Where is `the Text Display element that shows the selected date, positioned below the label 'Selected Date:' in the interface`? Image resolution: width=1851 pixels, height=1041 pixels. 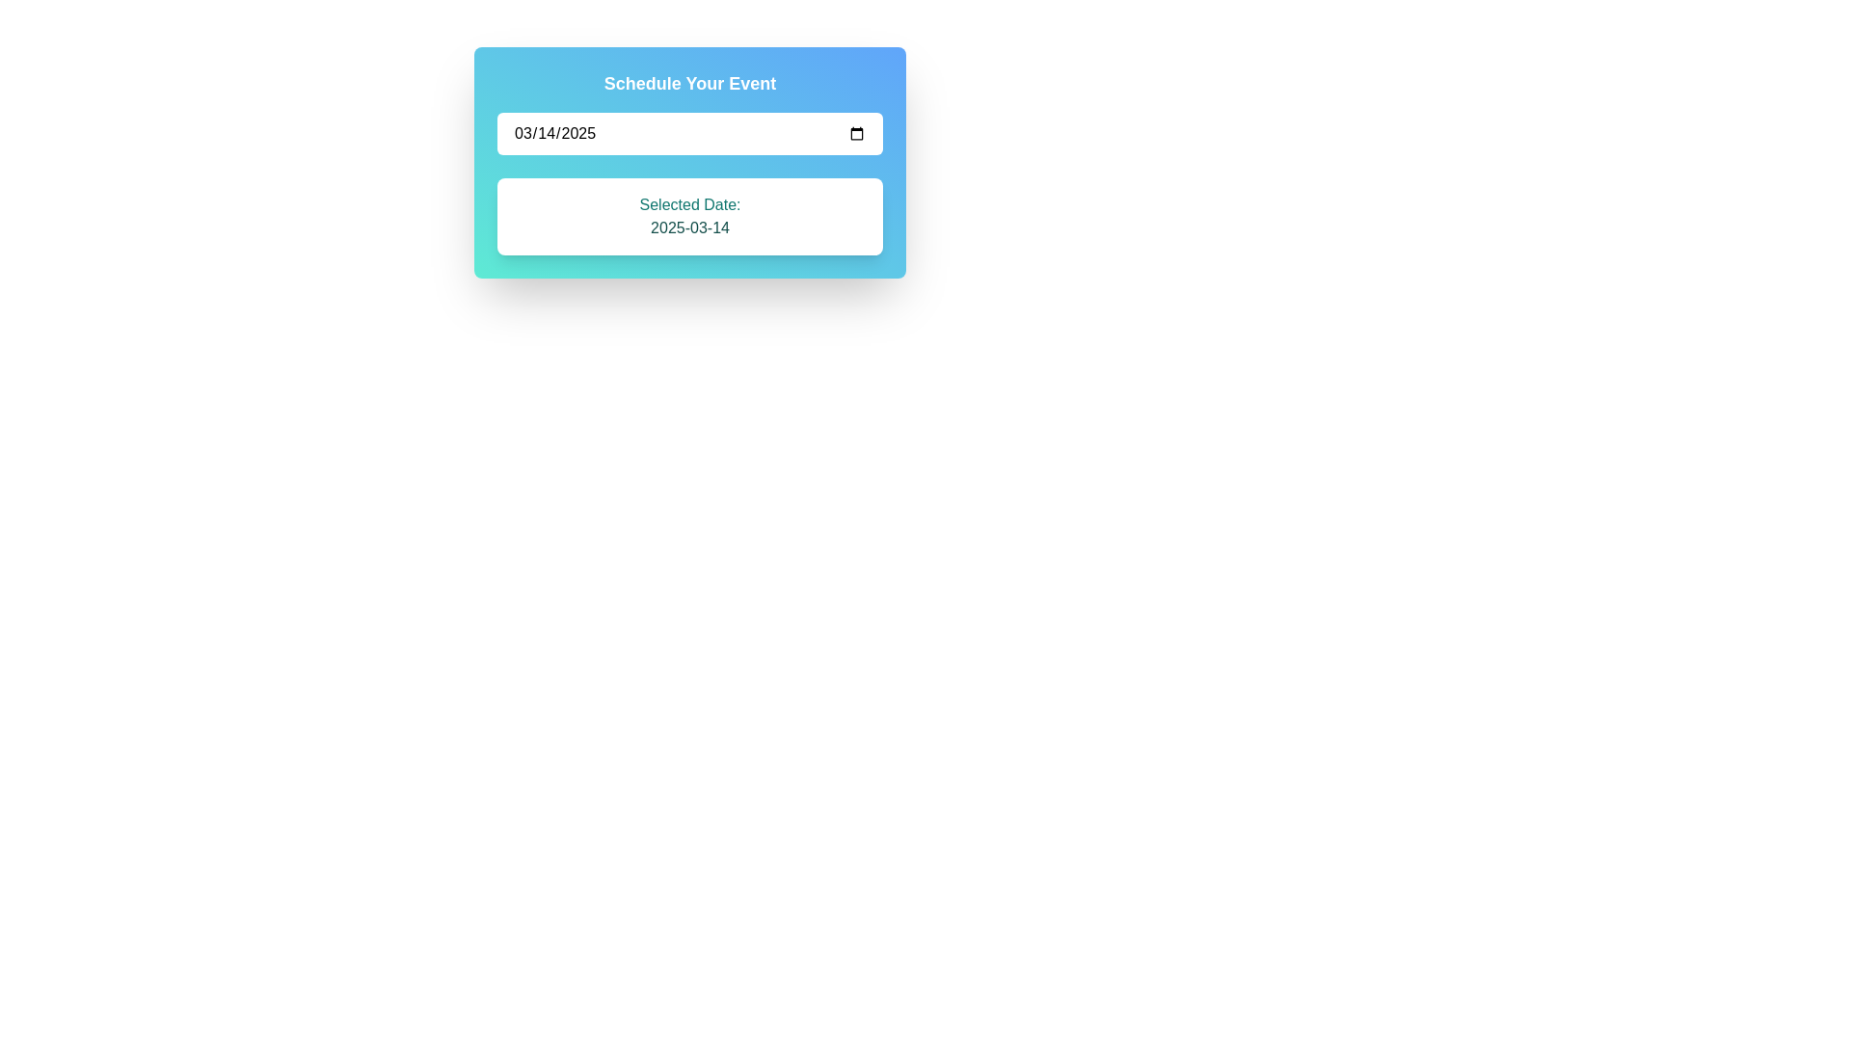 the Text Display element that shows the selected date, positioned below the label 'Selected Date:' in the interface is located at coordinates (689, 227).